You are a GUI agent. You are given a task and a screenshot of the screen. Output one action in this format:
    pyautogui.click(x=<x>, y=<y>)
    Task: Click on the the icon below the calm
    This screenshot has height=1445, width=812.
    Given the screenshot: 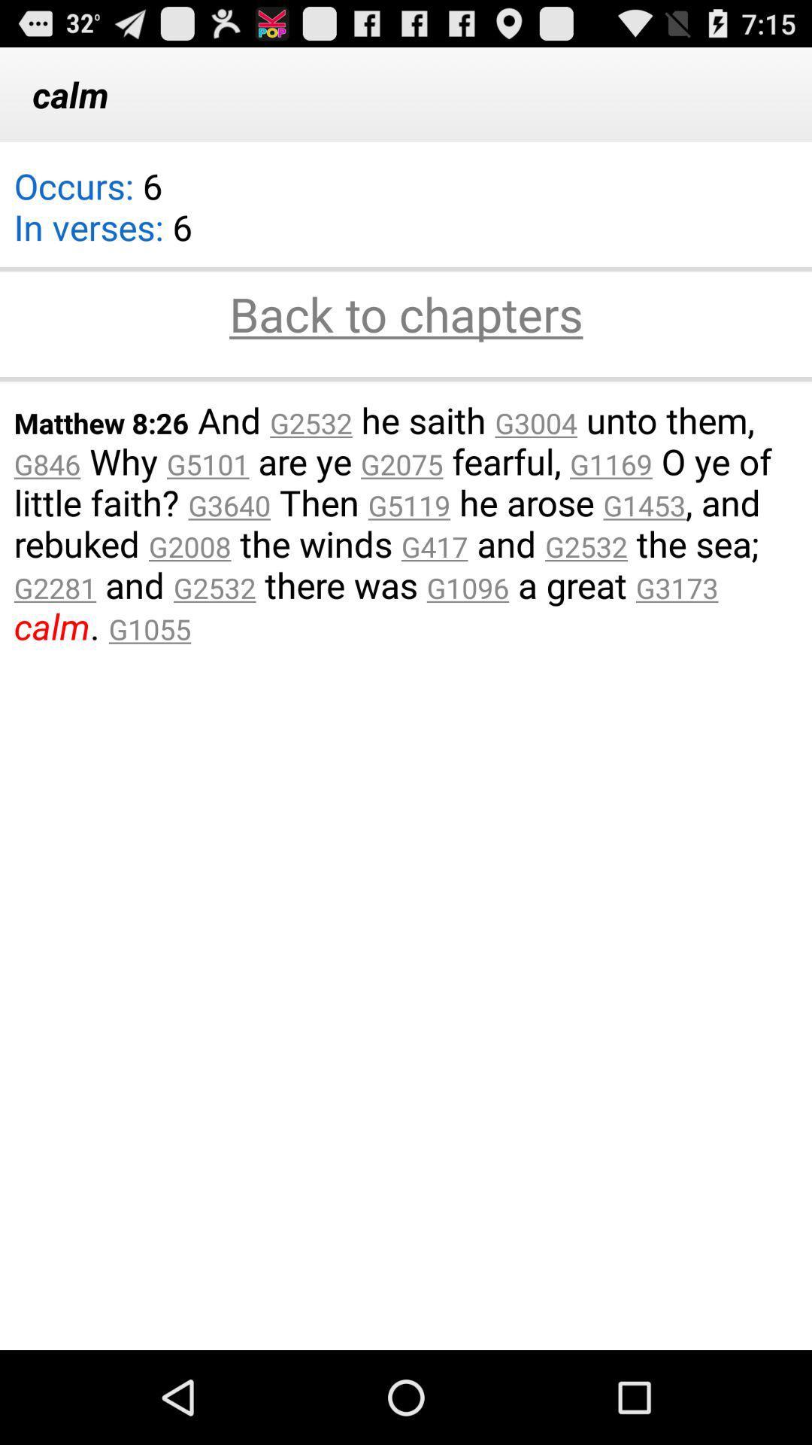 What is the action you would take?
    pyautogui.click(x=406, y=269)
    